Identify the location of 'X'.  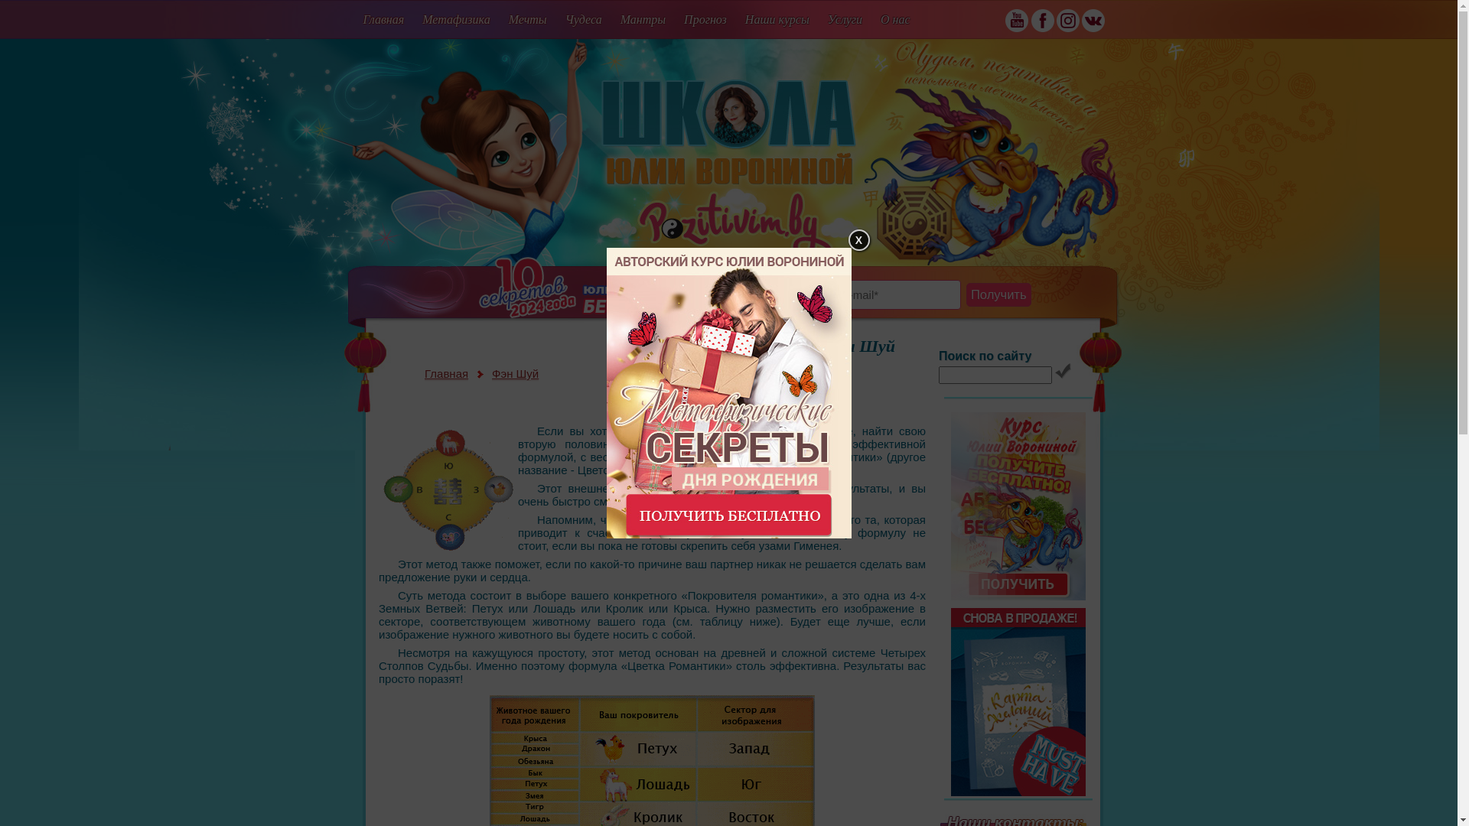
(858, 239).